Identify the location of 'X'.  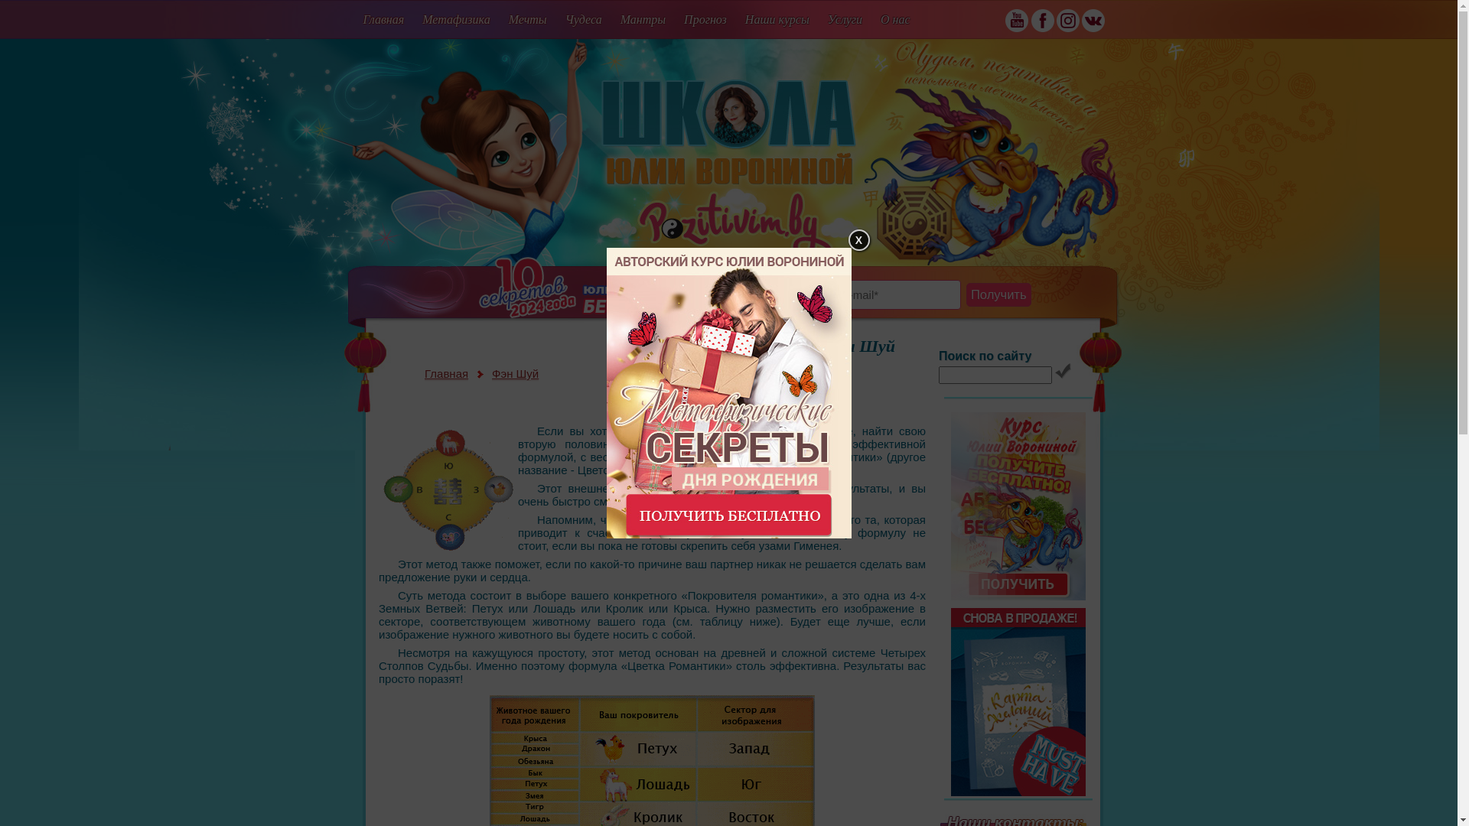
(858, 239).